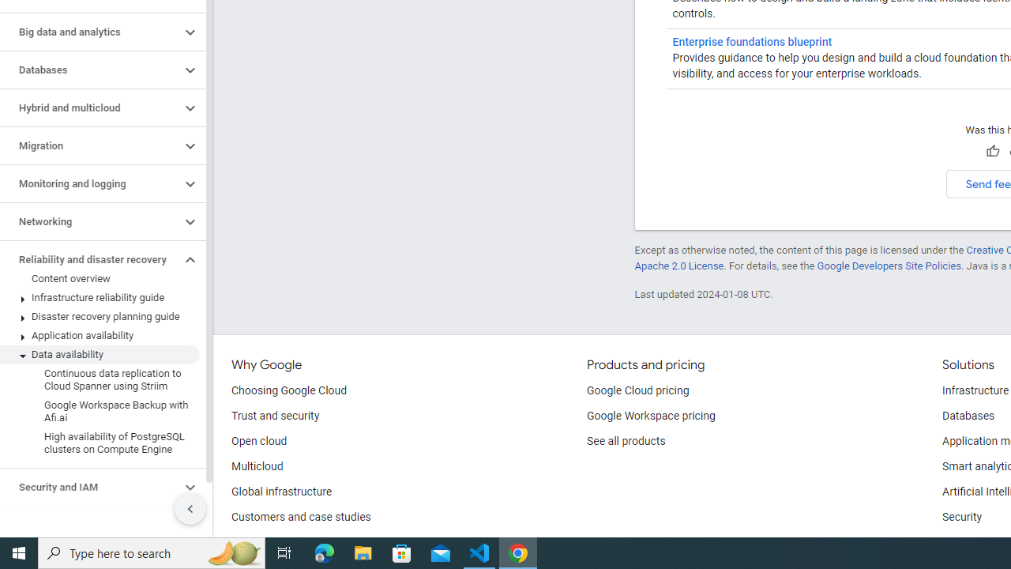  Describe the element at coordinates (89, 222) in the screenshot. I see `'Networking'` at that location.